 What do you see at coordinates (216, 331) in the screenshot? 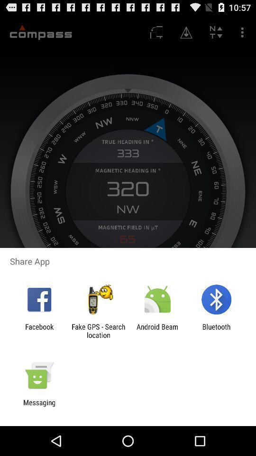
I see `bluetooth item` at bounding box center [216, 331].